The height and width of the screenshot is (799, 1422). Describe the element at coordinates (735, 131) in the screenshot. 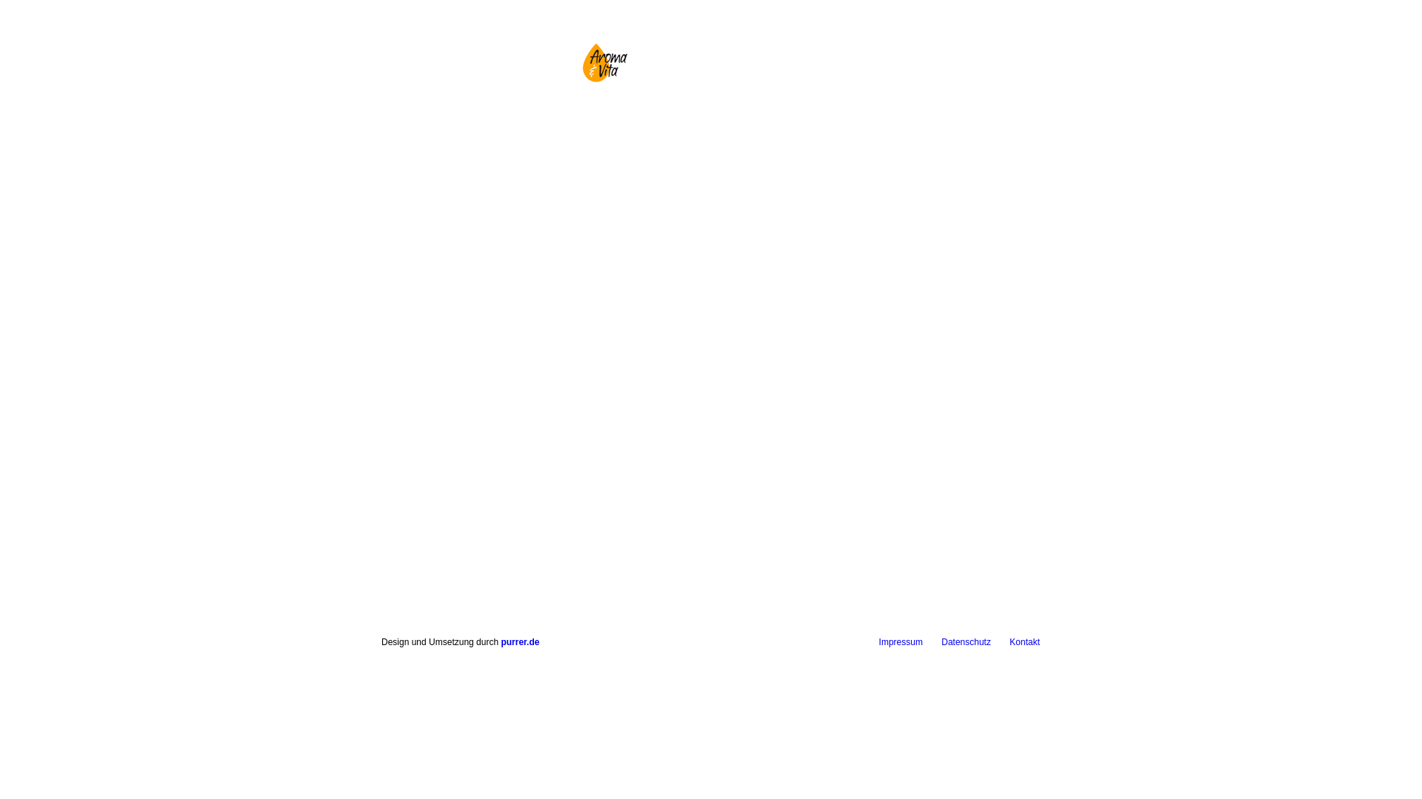

I see `'Leistungen'` at that location.